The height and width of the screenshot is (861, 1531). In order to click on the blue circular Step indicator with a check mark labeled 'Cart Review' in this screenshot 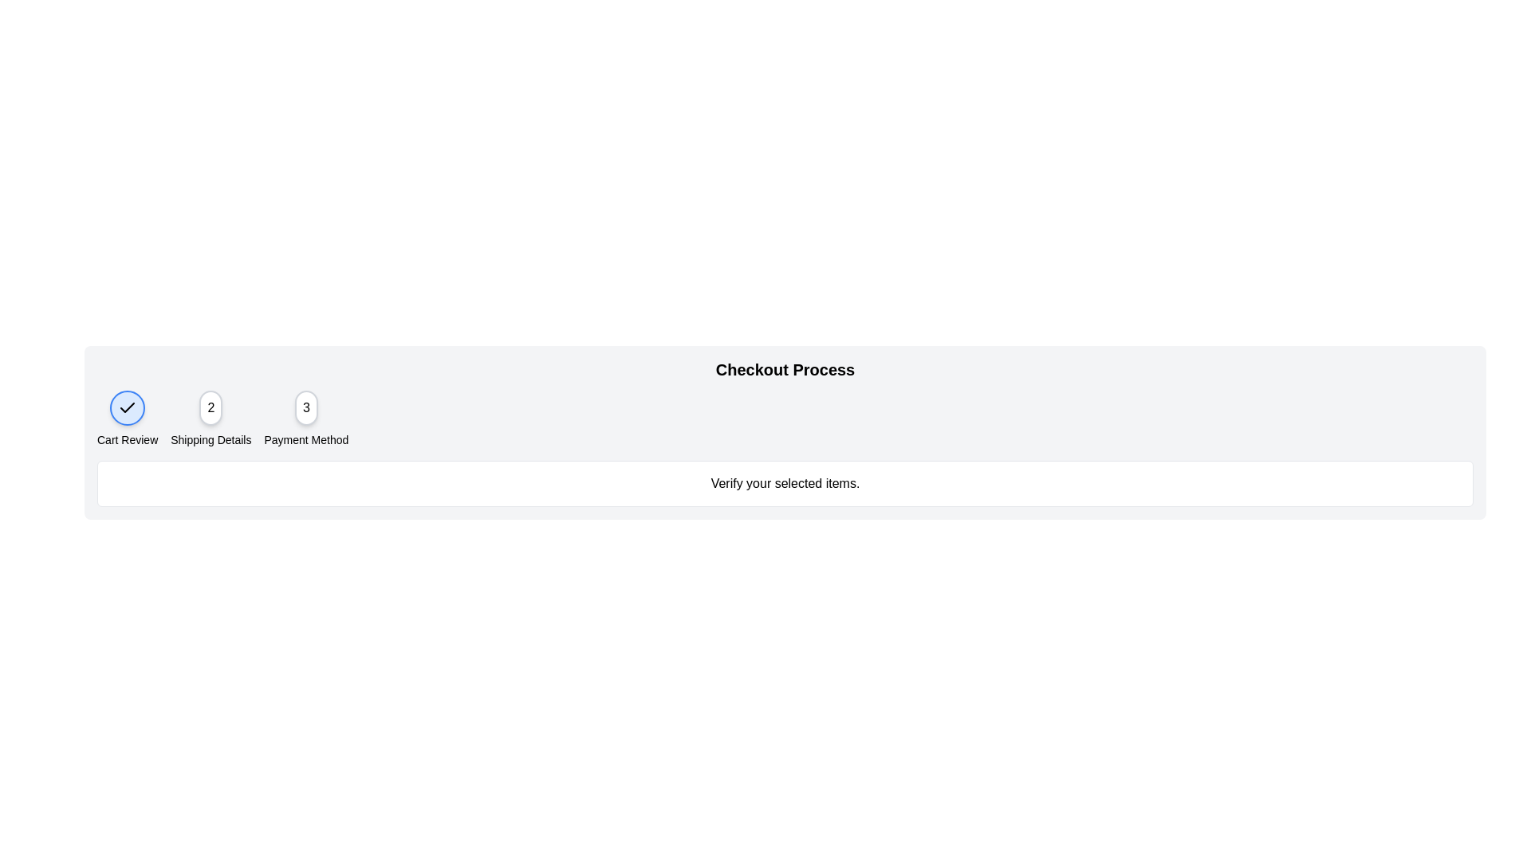, I will do `click(128, 418)`.